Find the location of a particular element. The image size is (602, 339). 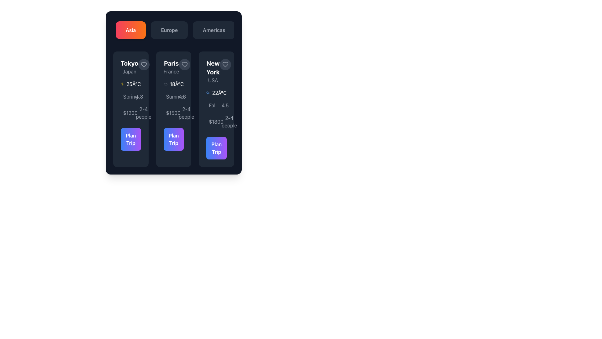

the Decorative and informational UI element displaying a small yellow sun icon and the text '25Â°C' on a dark background, located in the Tokyo card beneath the 'Japan' label is located at coordinates (130, 83).